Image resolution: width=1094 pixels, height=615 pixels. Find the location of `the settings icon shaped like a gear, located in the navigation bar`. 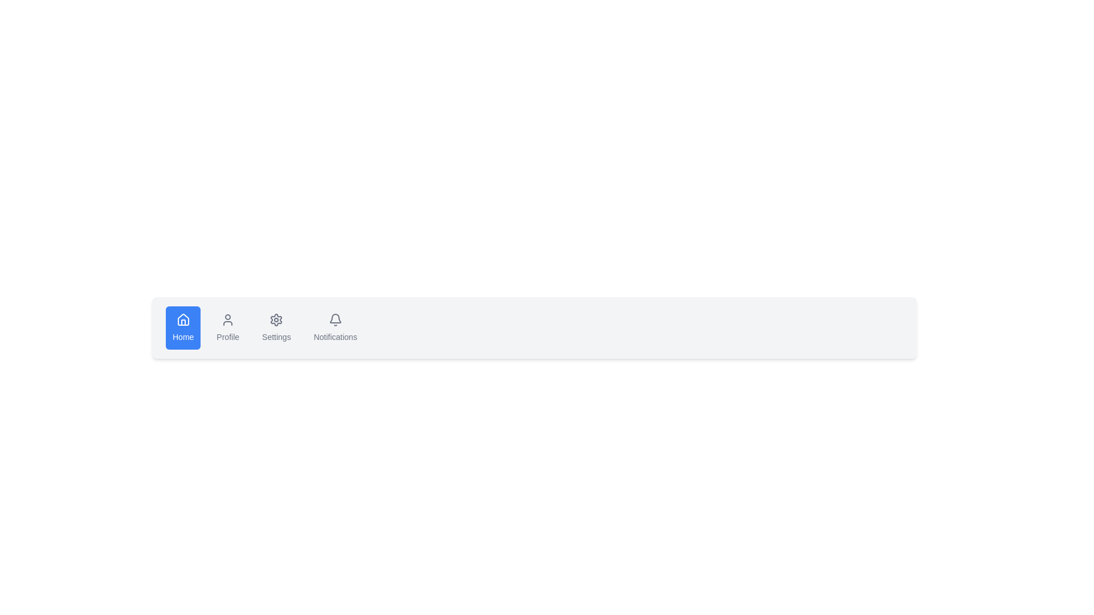

the settings icon shaped like a gear, located in the navigation bar is located at coordinates (276, 320).